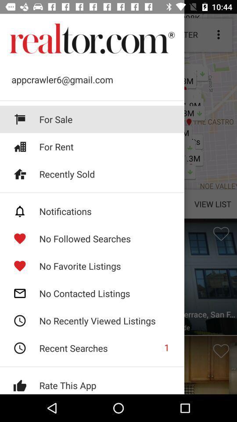 The image size is (237, 422). What do you see at coordinates (211, 339) in the screenshot?
I see `the favorite icon` at bounding box center [211, 339].